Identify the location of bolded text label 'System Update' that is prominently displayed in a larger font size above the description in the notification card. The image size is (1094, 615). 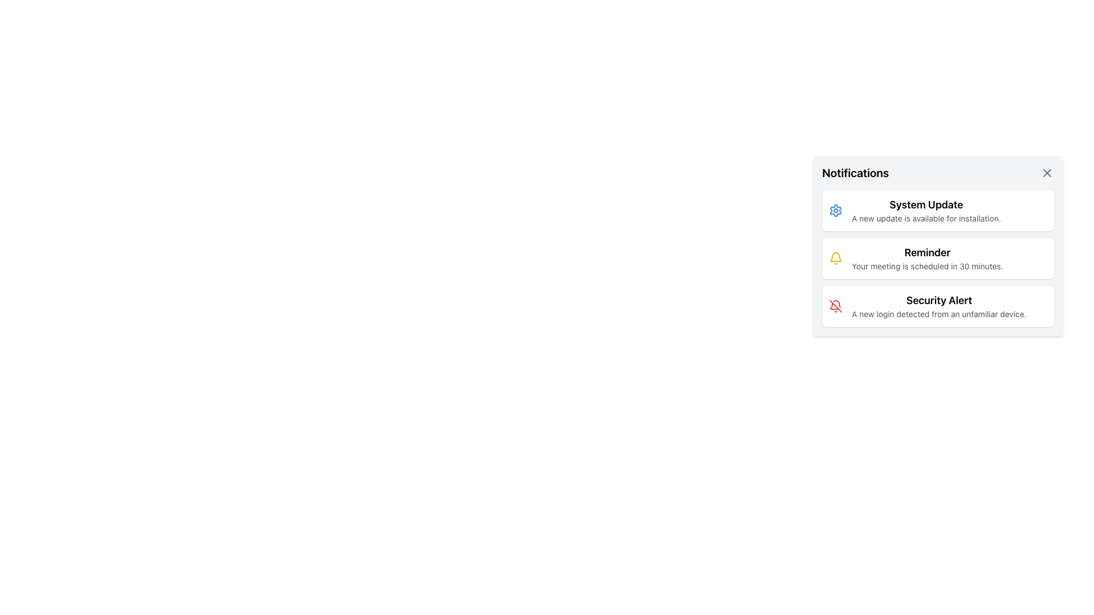
(926, 204).